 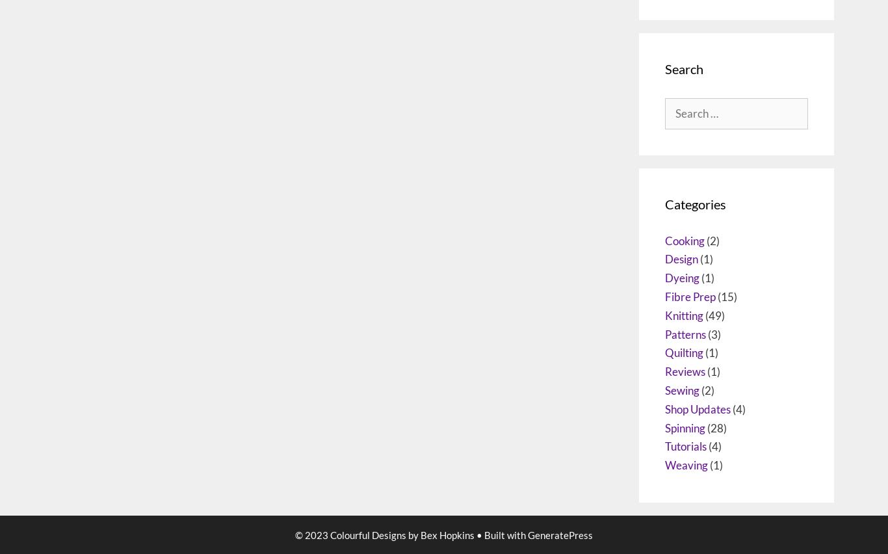 I want to click on 'Dyeing', so click(x=681, y=375).